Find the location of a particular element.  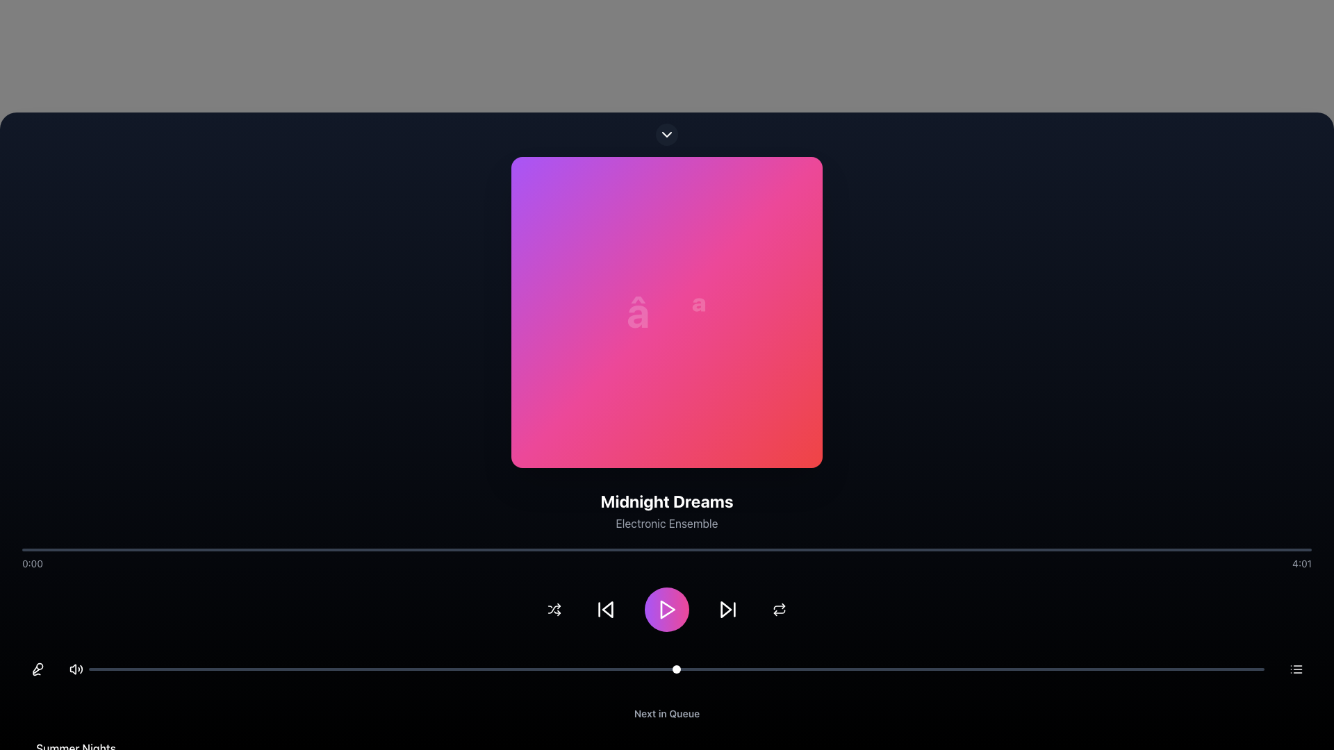

playback position is located at coordinates (705, 549).